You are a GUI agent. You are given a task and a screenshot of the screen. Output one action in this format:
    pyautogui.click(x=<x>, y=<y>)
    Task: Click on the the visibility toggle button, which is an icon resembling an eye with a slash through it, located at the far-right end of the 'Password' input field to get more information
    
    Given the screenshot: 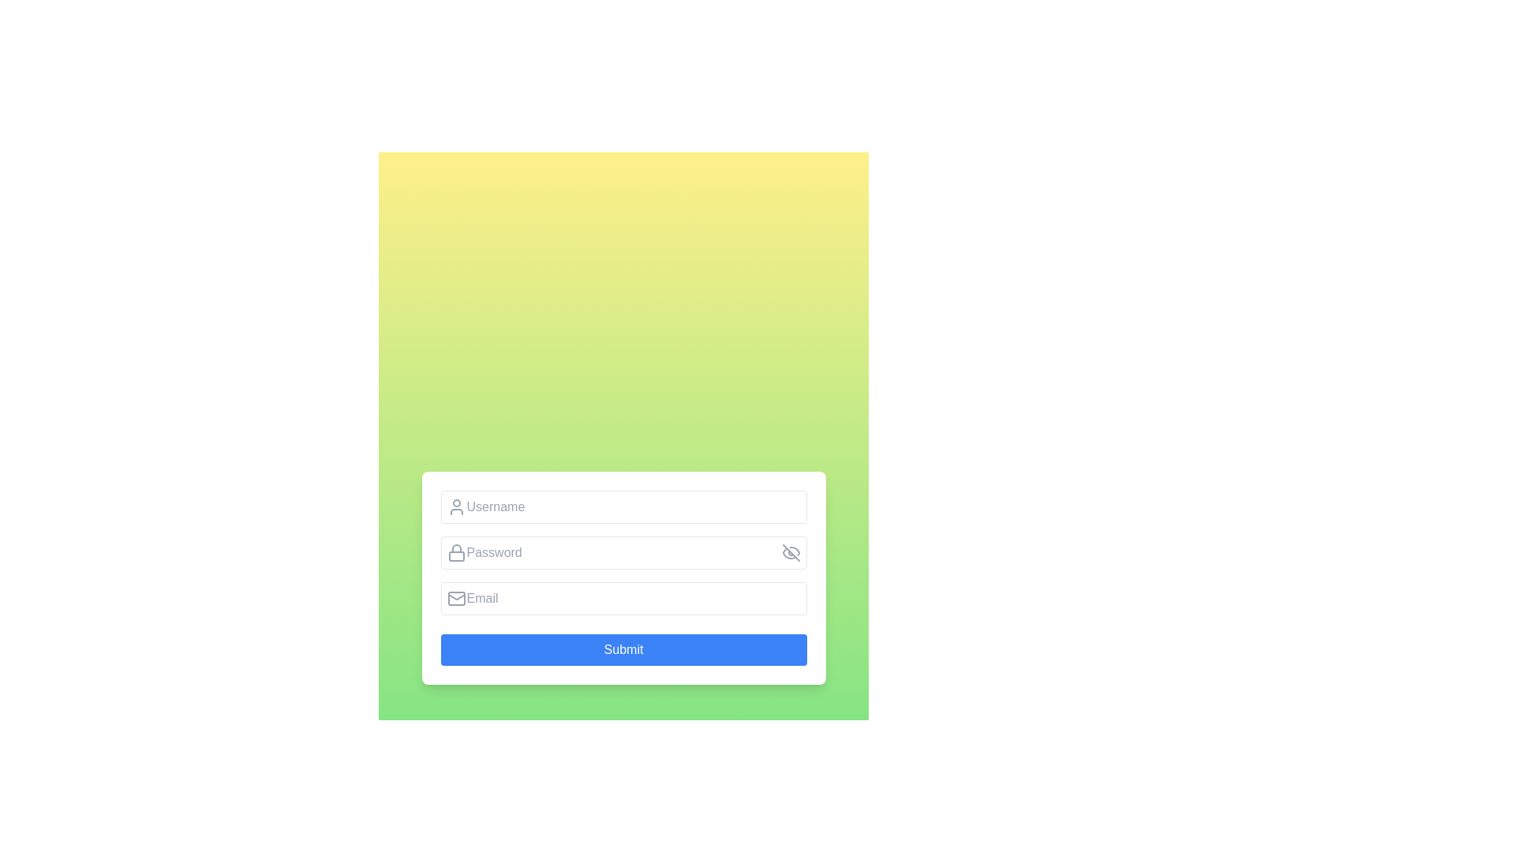 What is the action you would take?
    pyautogui.click(x=791, y=552)
    